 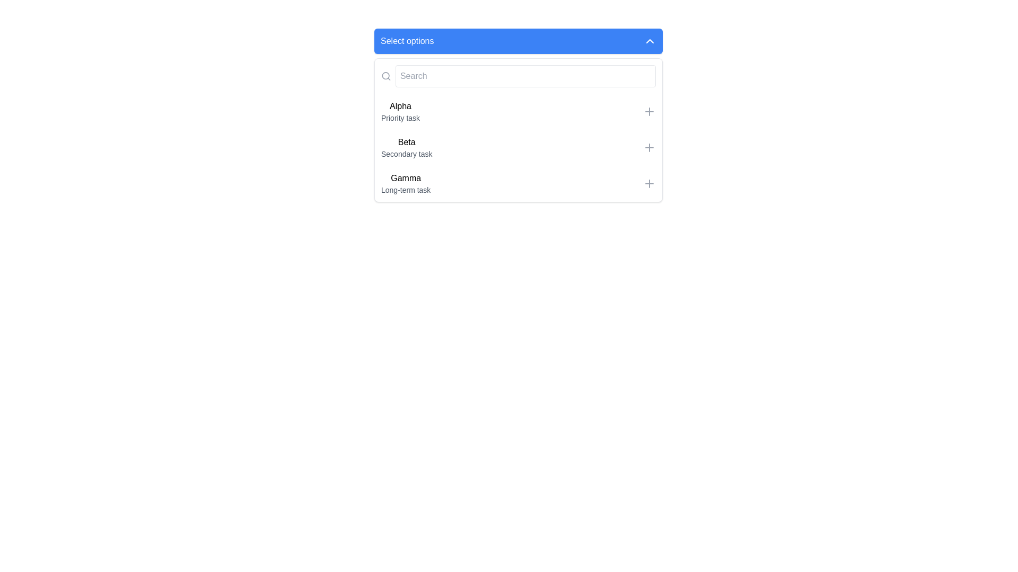 I want to click on the second menu item, so click(x=519, y=147).